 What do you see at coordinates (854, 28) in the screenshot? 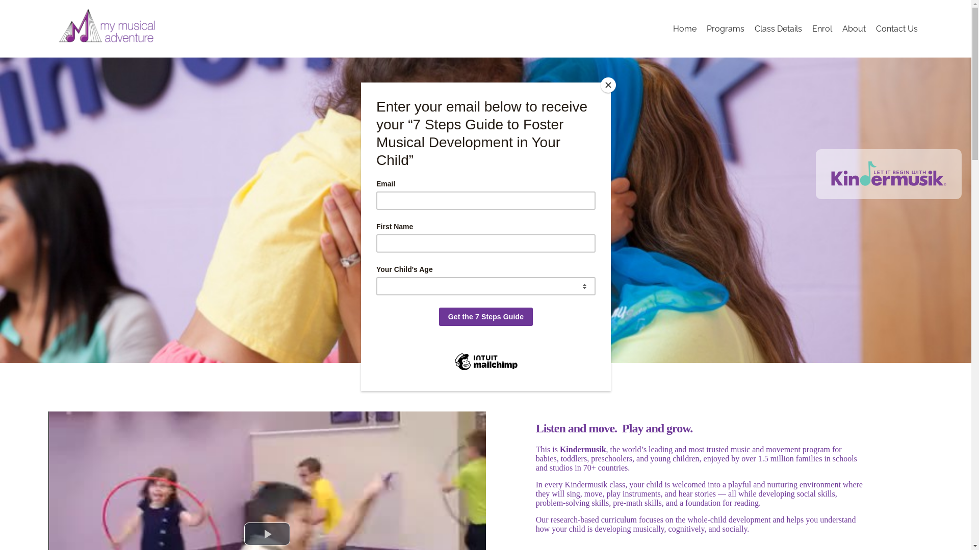
I see `'About'` at bounding box center [854, 28].